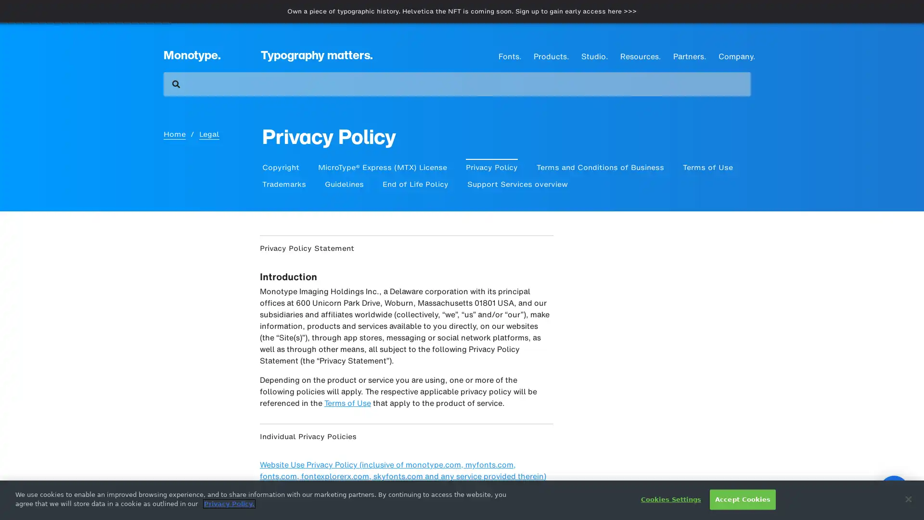 The height and width of the screenshot is (520, 924). What do you see at coordinates (893, 490) in the screenshot?
I see `Open Intercom Messenger` at bounding box center [893, 490].